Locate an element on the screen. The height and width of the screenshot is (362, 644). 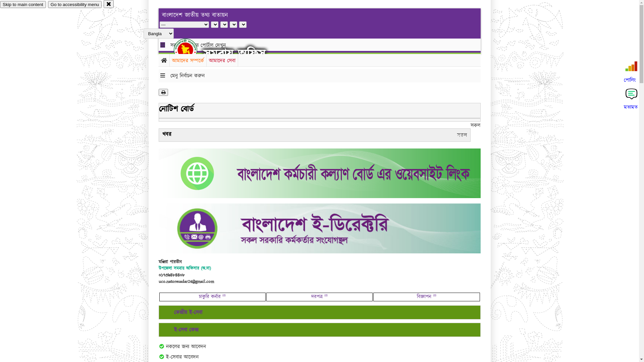
'Skip to main content' is located at coordinates (23, 4).